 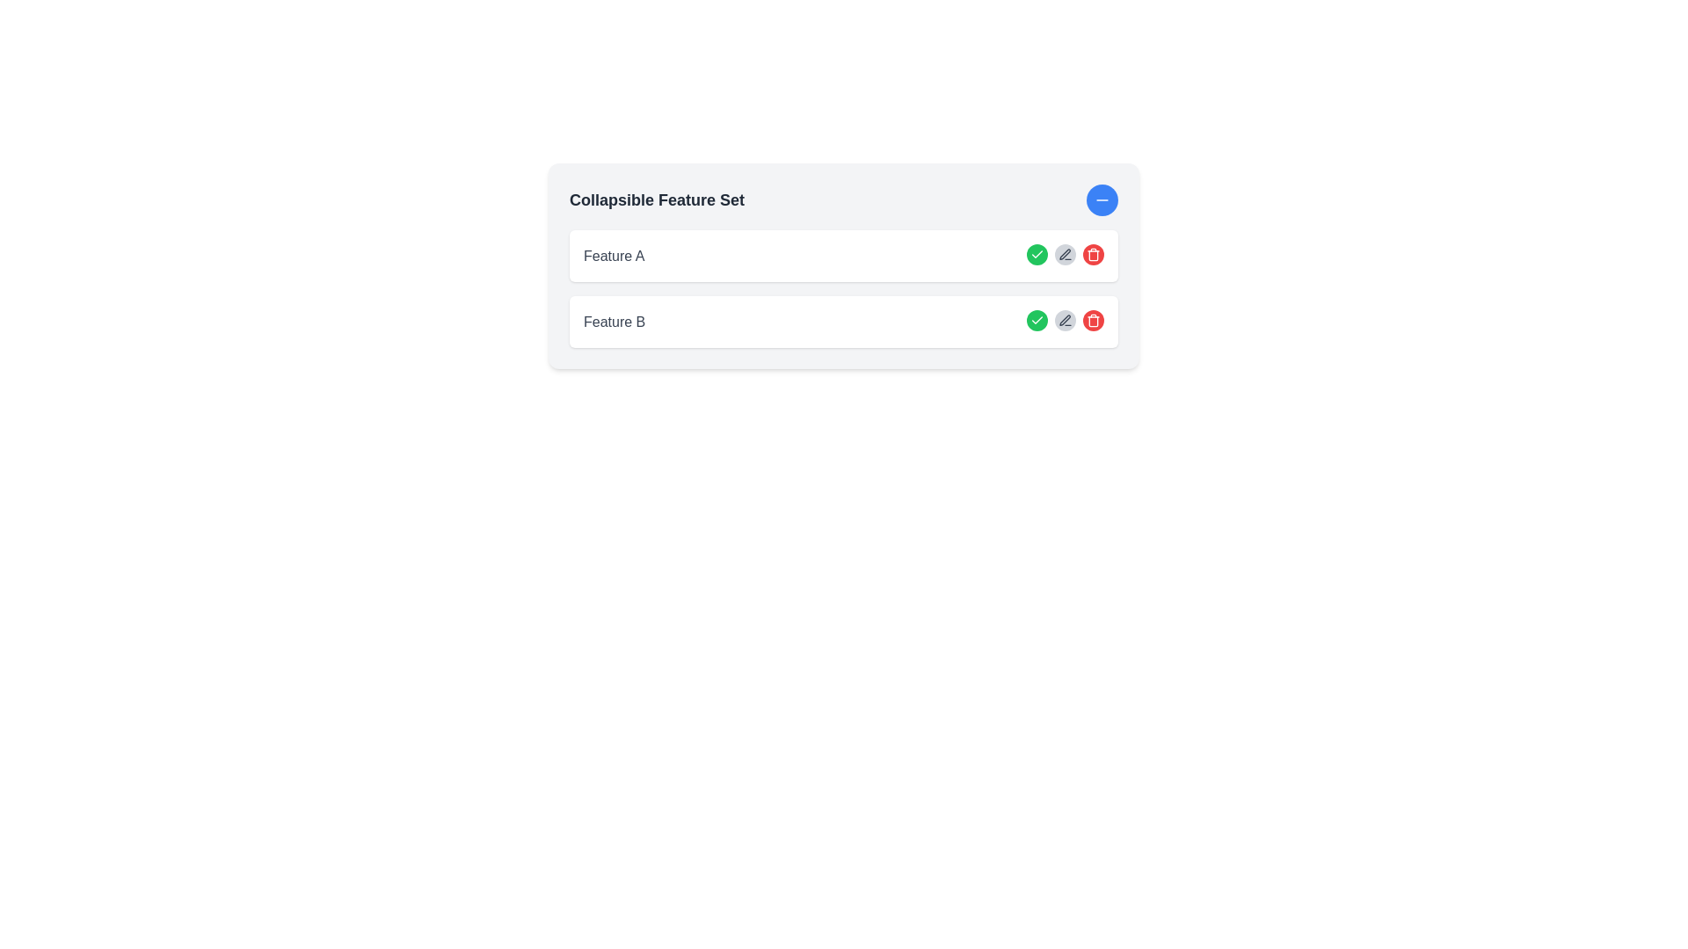 What do you see at coordinates (1064, 254) in the screenshot?
I see `the circular button displaying a pen icon to initiate the edit action` at bounding box center [1064, 254].